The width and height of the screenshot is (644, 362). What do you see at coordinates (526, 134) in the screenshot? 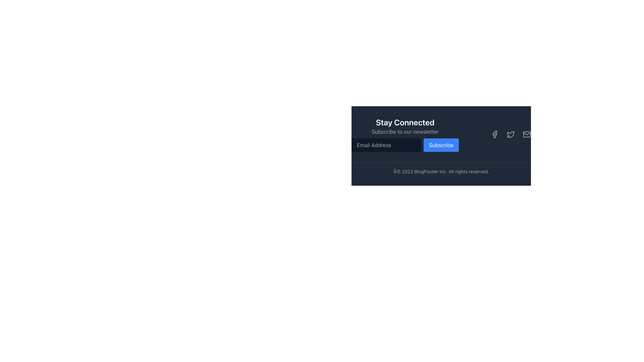
I see `the envelope icon, which is a rectangular component with a dark background and light outline, located at the far right of the footer section that contains social media icons` at bounding box center [526, 134].